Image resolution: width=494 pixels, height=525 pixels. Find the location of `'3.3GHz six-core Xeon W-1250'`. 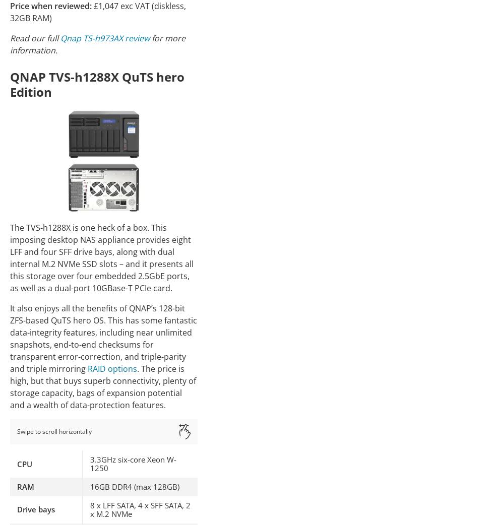

'3.3GHz six-core Xeon W-1250' is located at coordinates (133, 463).